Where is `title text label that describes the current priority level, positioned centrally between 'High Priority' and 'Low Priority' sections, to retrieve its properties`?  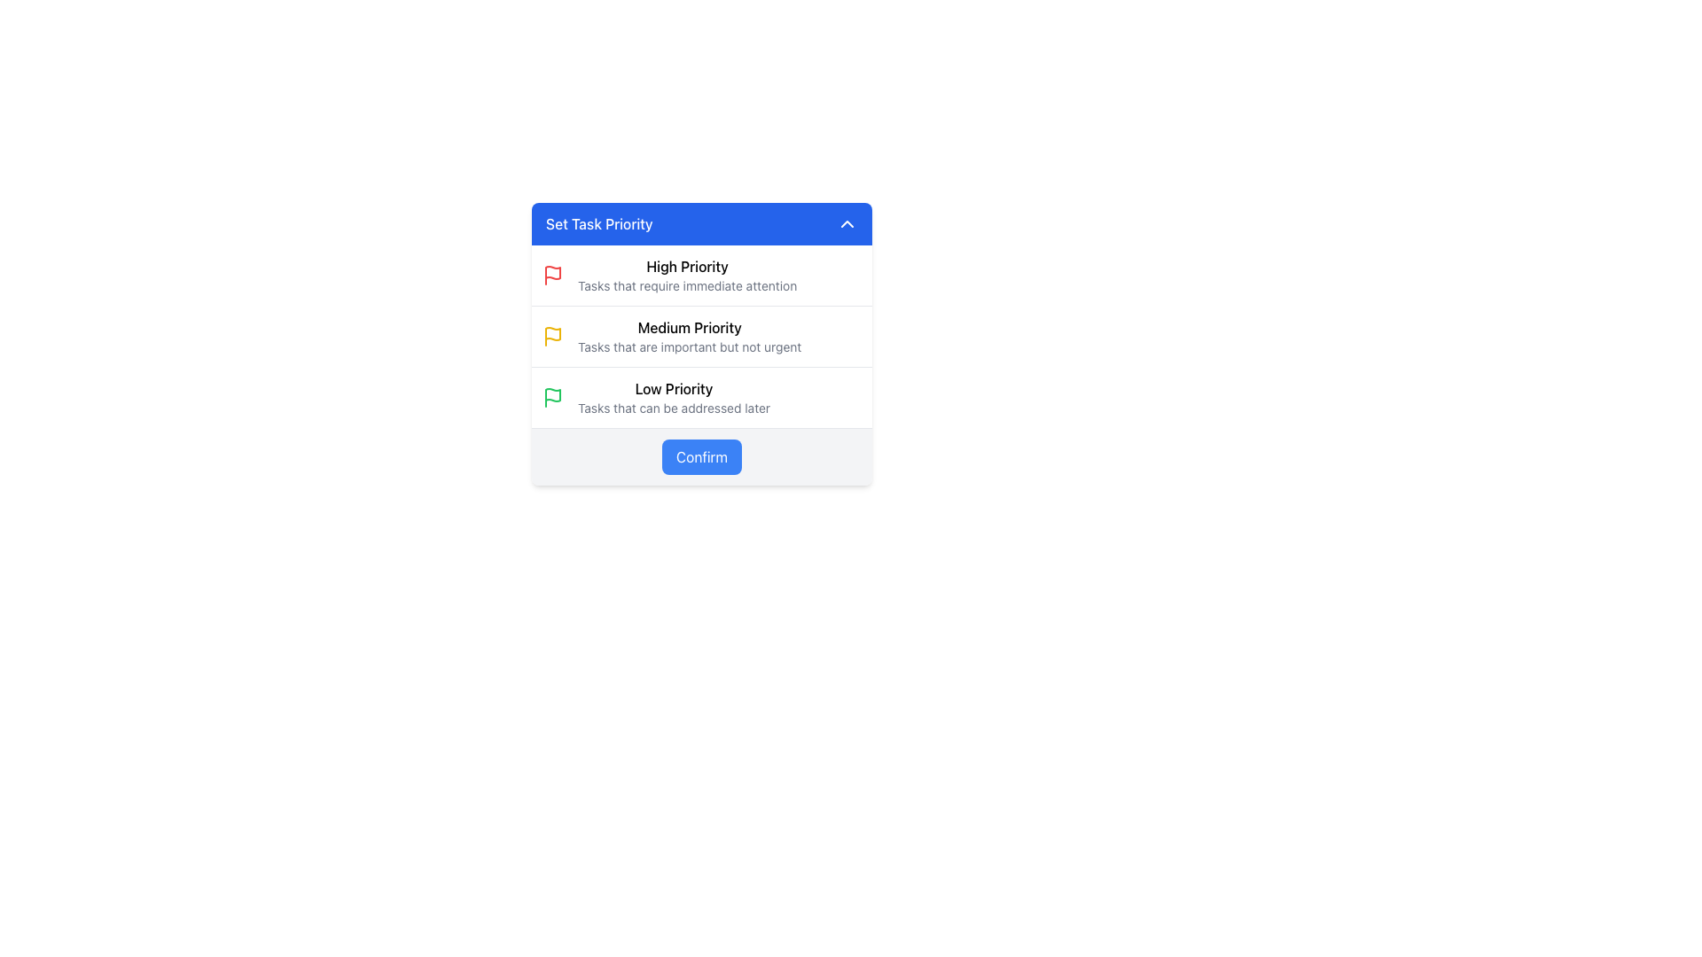 title text label that describes the current priority level, positioned centrally between 'High Priority' and 'Low Priority' sections, to retrieve its properties is located at coordinates (689, 328).